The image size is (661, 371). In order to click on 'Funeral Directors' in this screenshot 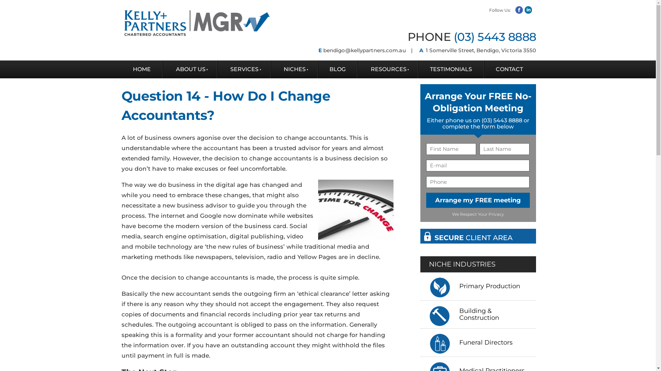, I will do `click(487, 342)`.